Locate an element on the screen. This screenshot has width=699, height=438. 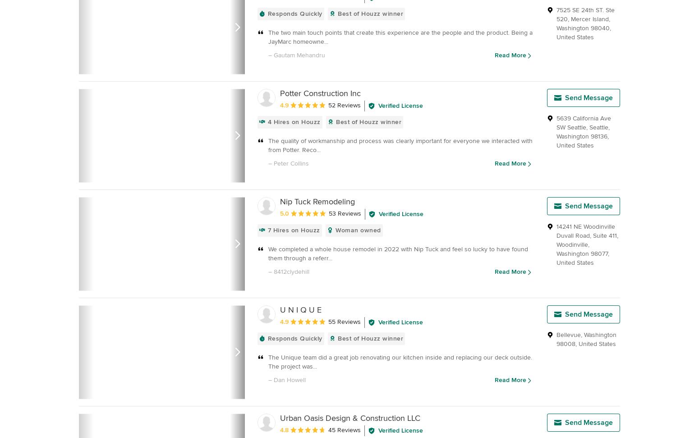
'Bellevue' is located at coordinates (556, 334).